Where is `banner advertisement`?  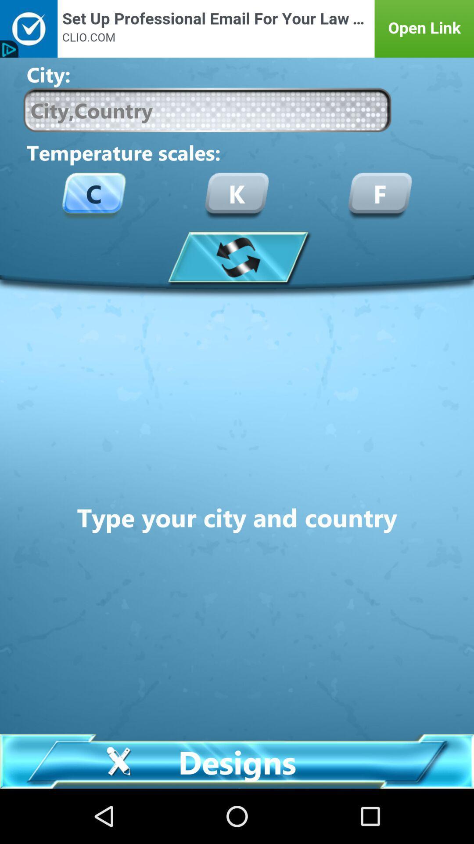
banner advertisement is located at coordinates (237, 29).